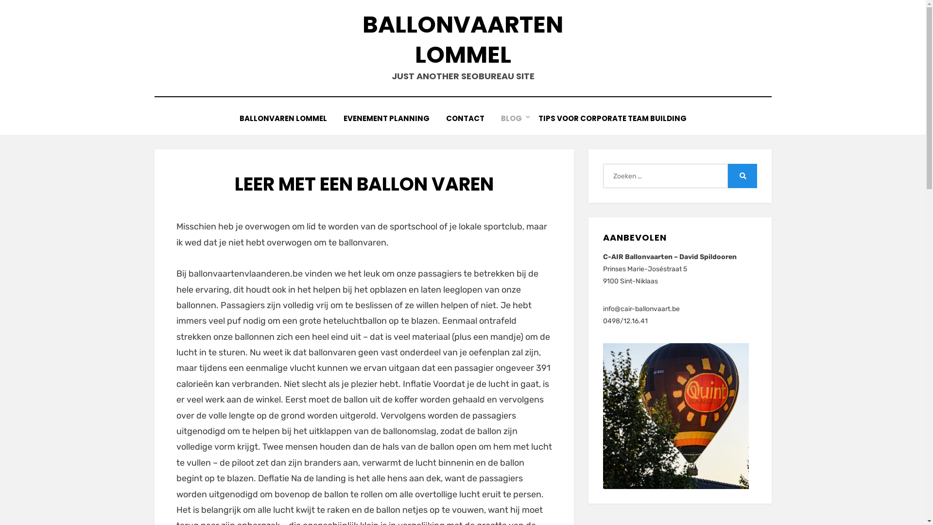  I want to click on '0498/12.16.41', so click(625, 321).